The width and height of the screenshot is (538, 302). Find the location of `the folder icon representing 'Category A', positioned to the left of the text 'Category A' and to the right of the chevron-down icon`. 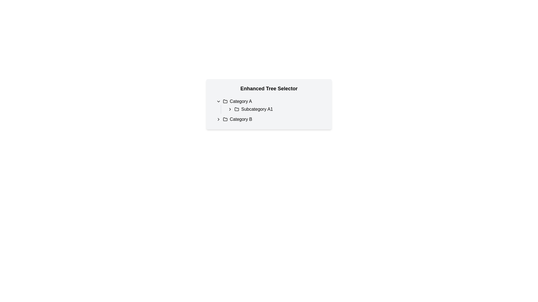

the folder icon representing 'Category A', positioned to the left of the text 'Category A' and to the right of the chevron-down icon is located at coordinates (225, 101).